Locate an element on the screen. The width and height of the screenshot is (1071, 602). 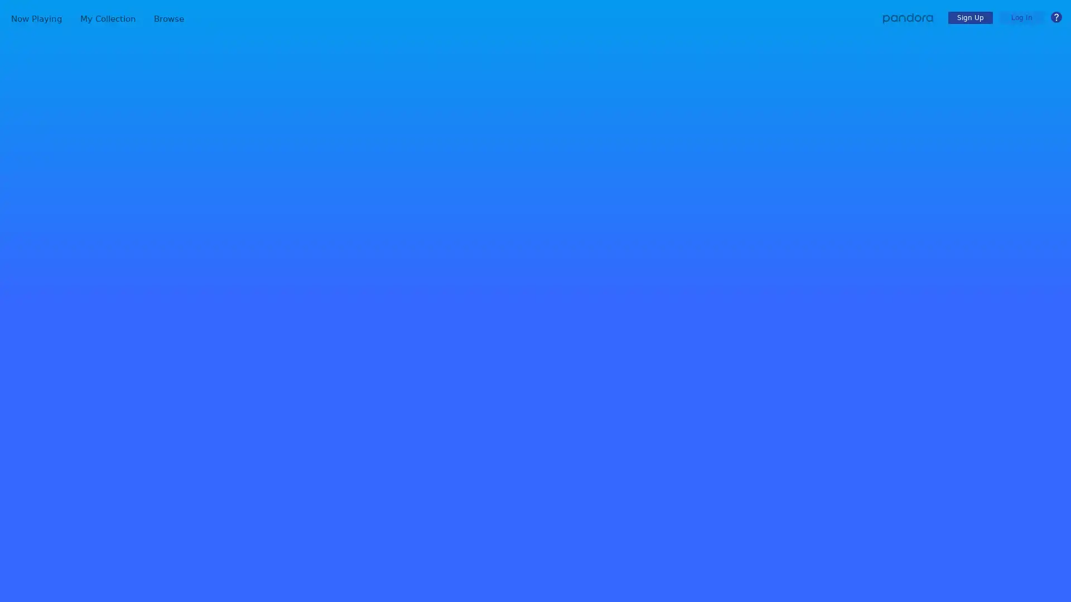
Play Ep. 46 | Microsoft VP Marcus Fontoura on Architecting Azure, the Worlds Computer Ep. 46 | Microsoft VP Marcus Fontoura on Architecting Azure, the Worlds Computer May 24, 2022 44:52 more ... Marcus Fontoura has spent time at many of the worlds leading technology companies including IBM Research, Yahoo, Google, and Microsoft. In this episode of Moores Lobby, Daniel goes on a deep dive with Marcus into Microsofts cloud computing platform, Azure. In this episode, they discuss the hardware, software, and infrastructure behind what Marcus considers to be the worlds computer. By effectively integrating both hardware and software, they are enabling other engineers and technologists to do the science fiction work that they dream of doing. Fontouras passion for his work comes through in this lively discussion and in his goals to create technology to make our lives better. Reflecting on the immense challenges that occurred during Covid when internet traffic spiked, Fontoura considered it one of his proudest moments:" This became a very challenging couple of months as we had to manage the capacity. But you know, for me it was super exciting because this was putting to the test everything that I'm talking to you about. We really have this deep knowledge of the workloads that we are running on Azure. We know how to manage, we know how to manage power efficiently...we coped brilliantly. Did you know that overclocking CPUs isnt just for gamers, but is used in Azure data centers? Fontoura explains how selective overclocking actually improves efficiency. Well bet you cant guess what intense computing applications demand this overclocking! But, it will make perfect sense after you hear his explanation. The episode touches on many other fascinating topics including: Ambient intelligence that will make our lives better, without being creepy Our most efficient data centers are... sorry, you will have to listen to hear Fontoura finish this statement! Democratizing high-performance computing Immersion cooling How the combination of edge and cloud is a beautiful vision Fontouras view on the skills that the next generation of technologists will need to succeed Tune in and let us know your thoughts from the episode on Moores Lobby Linkedin or Facebook pages. is located at coordinates (717, 385).